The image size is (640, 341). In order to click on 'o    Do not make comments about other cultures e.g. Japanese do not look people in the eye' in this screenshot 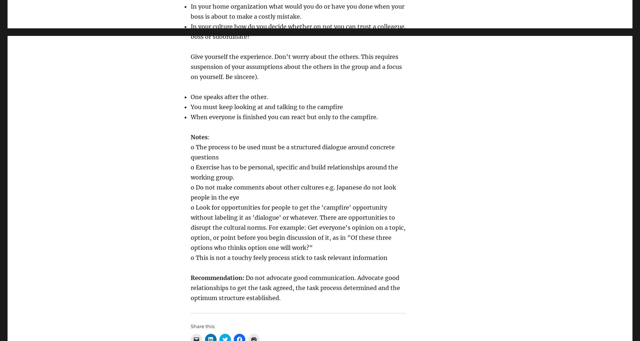, I will do `click(293, 192)`.